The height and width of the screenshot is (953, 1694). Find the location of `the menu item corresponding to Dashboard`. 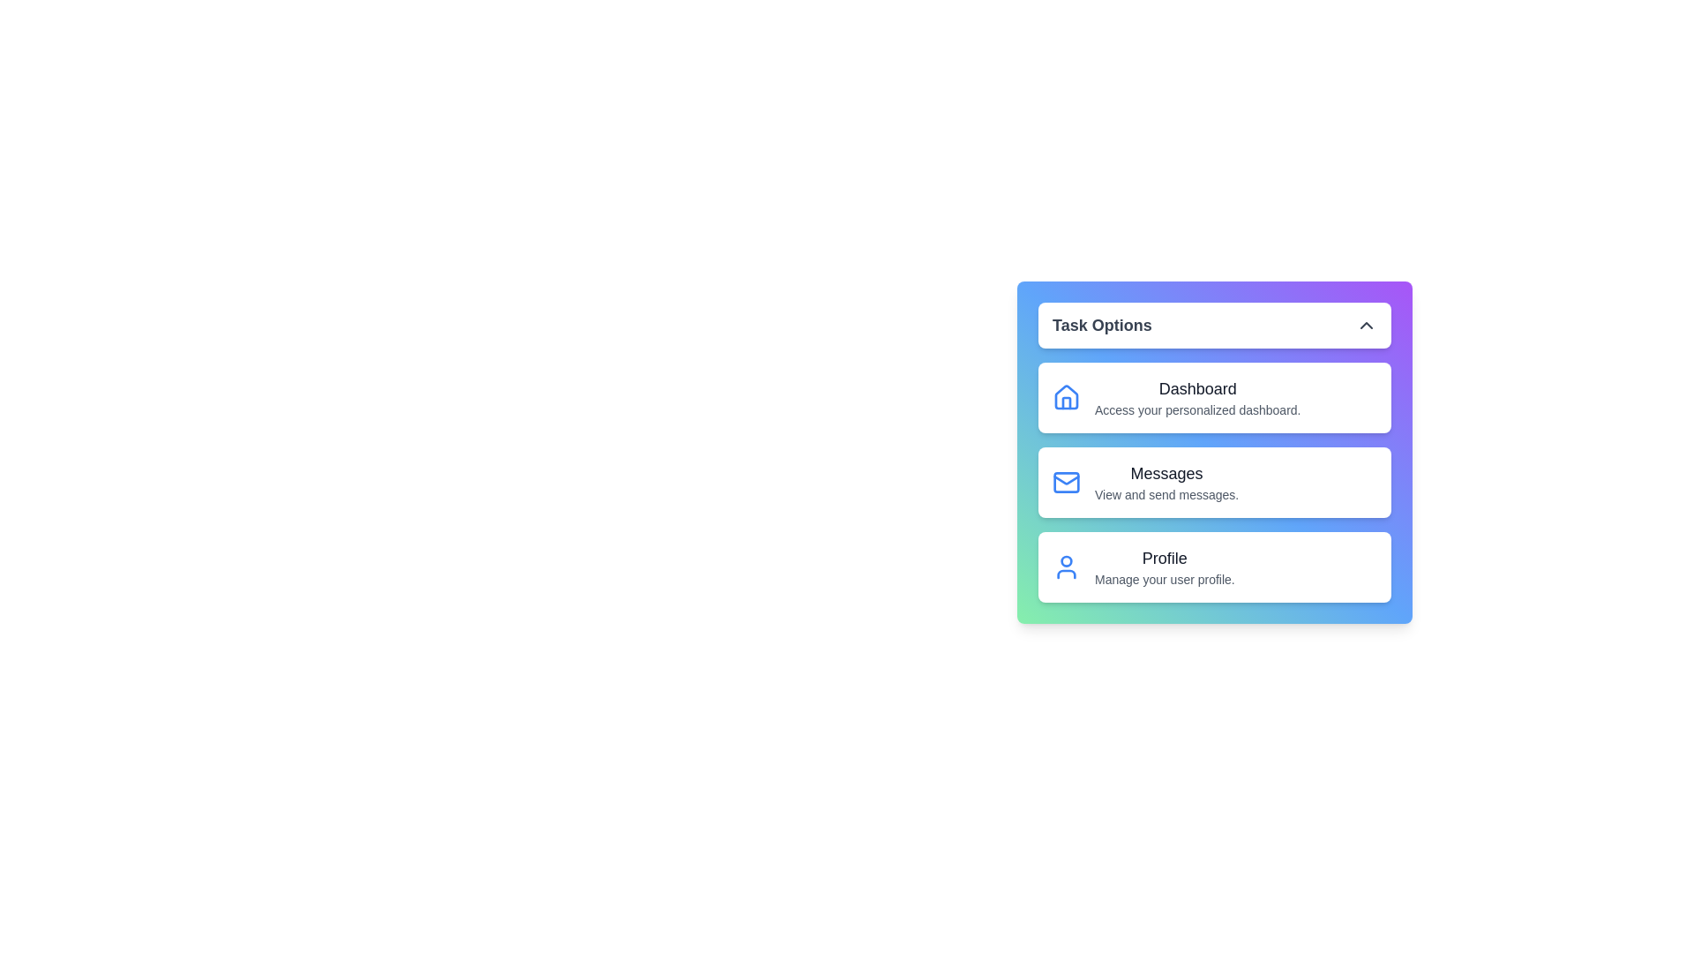

the menu item corresponding to Dashboard is located at coordinates (1214, 398).